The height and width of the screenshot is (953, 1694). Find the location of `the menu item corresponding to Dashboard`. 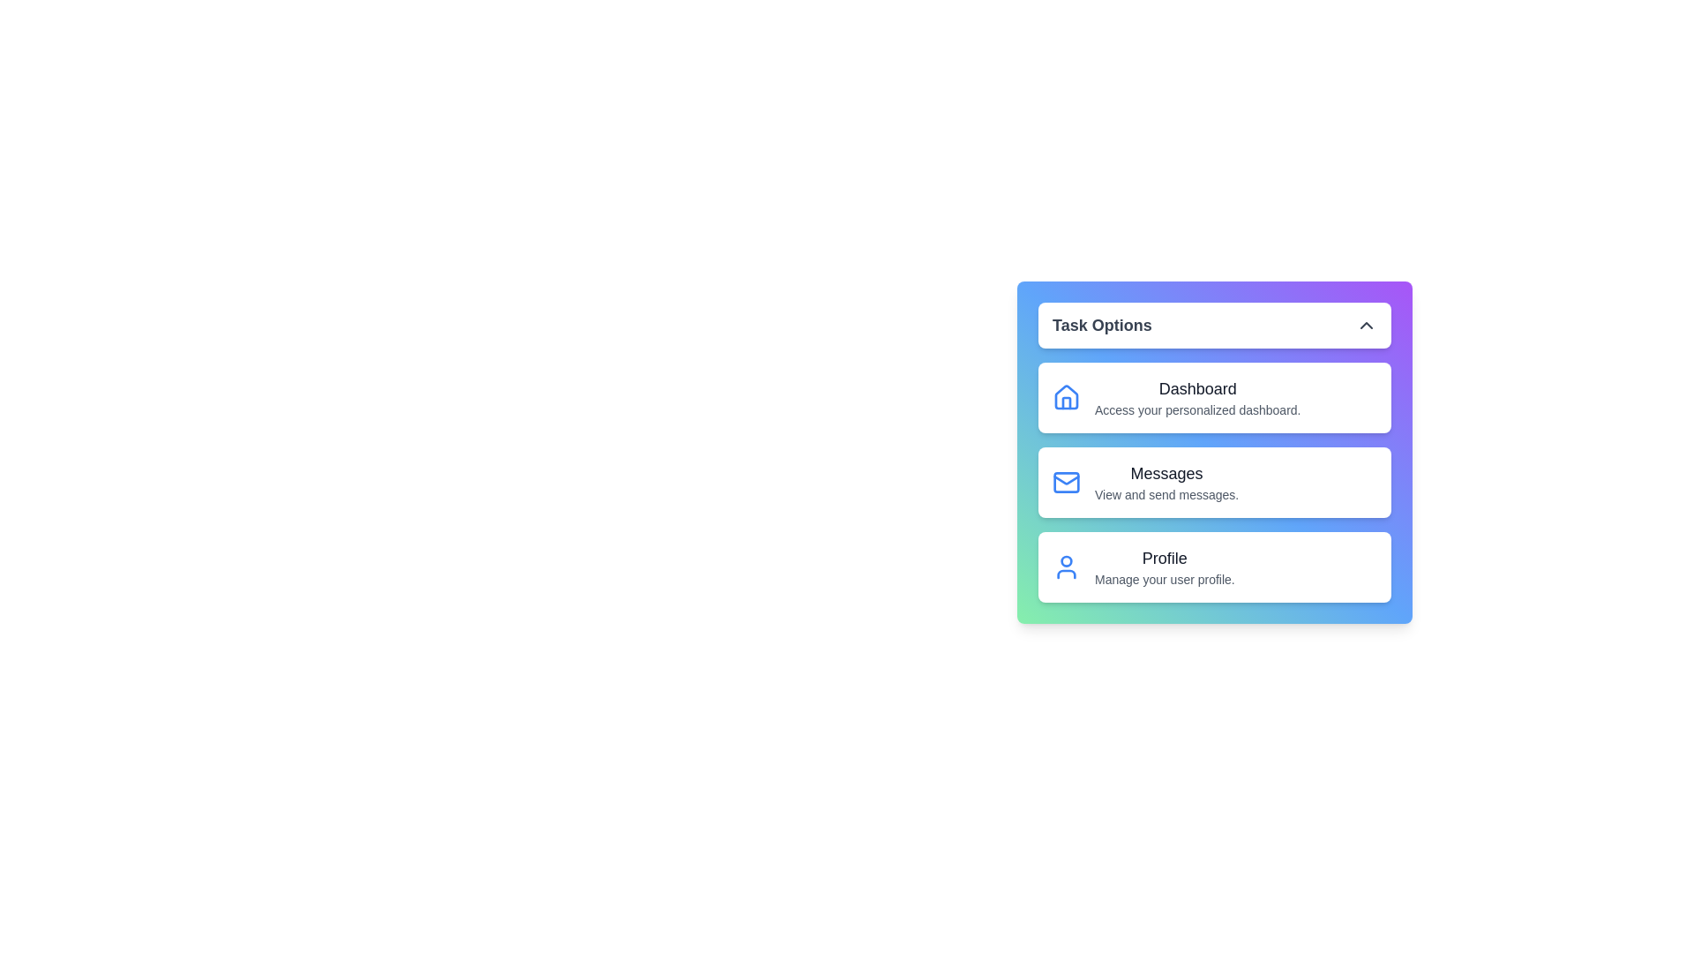

the menu item corresponding to Dashboard is located at coordinates (1214, 398).